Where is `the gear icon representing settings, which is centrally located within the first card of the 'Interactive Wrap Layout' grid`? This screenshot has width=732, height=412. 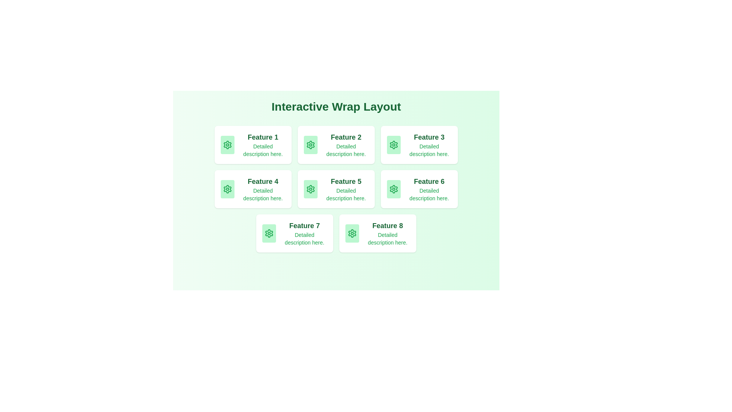 the gear icon representing settings, which is centrally located within the first card of the 'Interactive Wrap Layout' grid is located at coordinates (227, 145).